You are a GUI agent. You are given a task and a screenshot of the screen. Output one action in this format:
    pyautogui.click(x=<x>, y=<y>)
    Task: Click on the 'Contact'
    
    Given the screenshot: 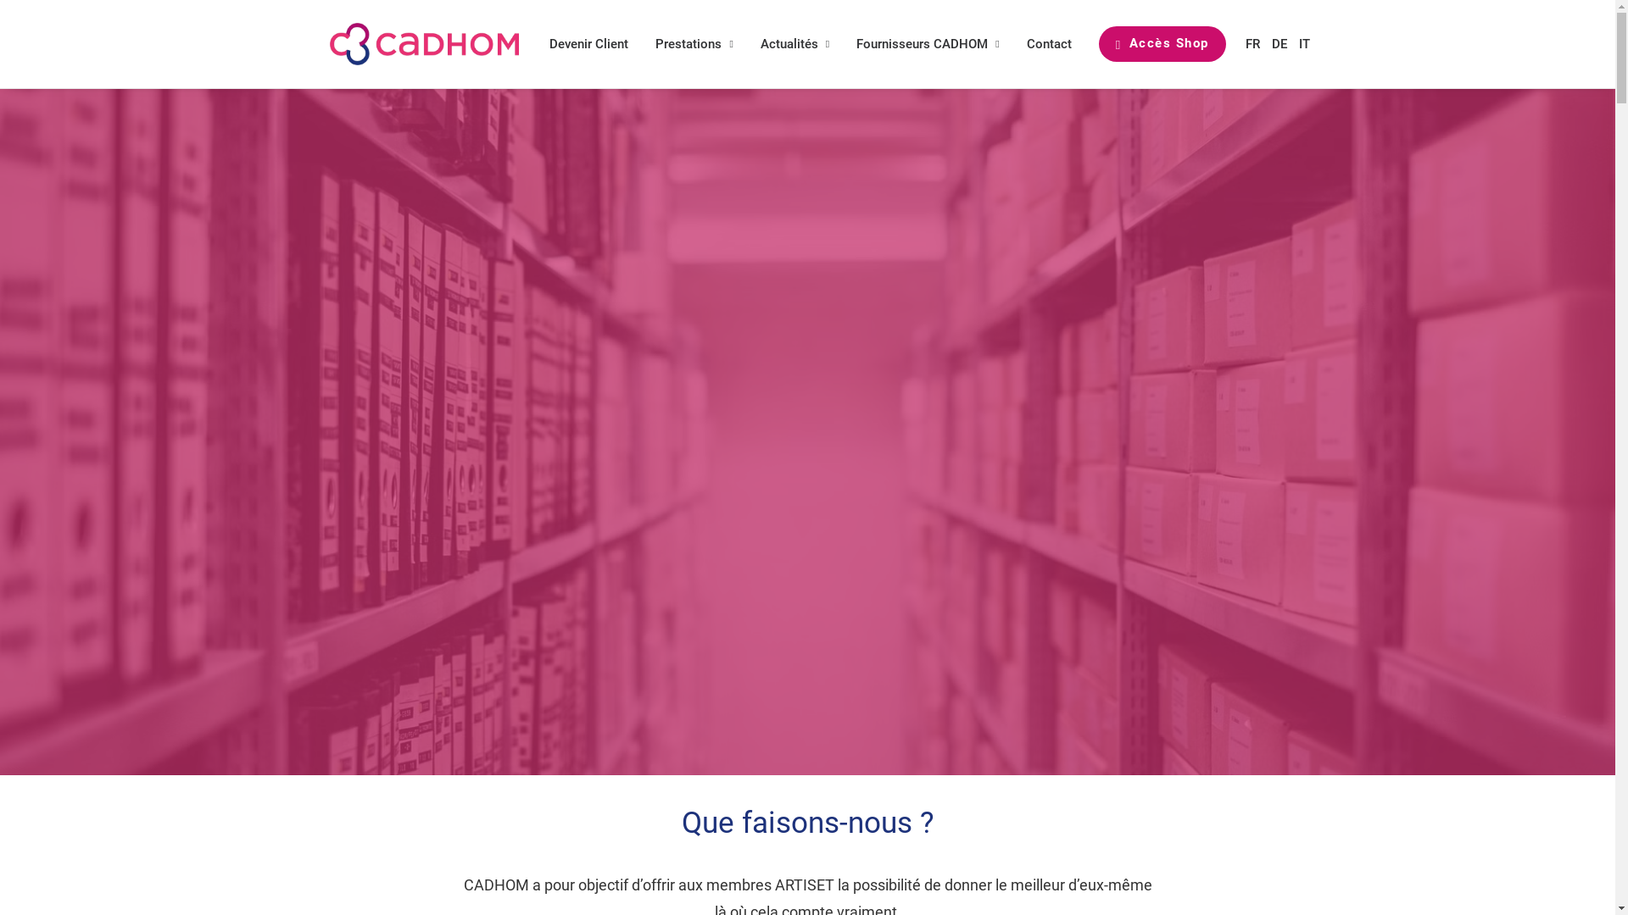 What is the action you would take?
    pyautogui.click(x=1048, y=42)
    